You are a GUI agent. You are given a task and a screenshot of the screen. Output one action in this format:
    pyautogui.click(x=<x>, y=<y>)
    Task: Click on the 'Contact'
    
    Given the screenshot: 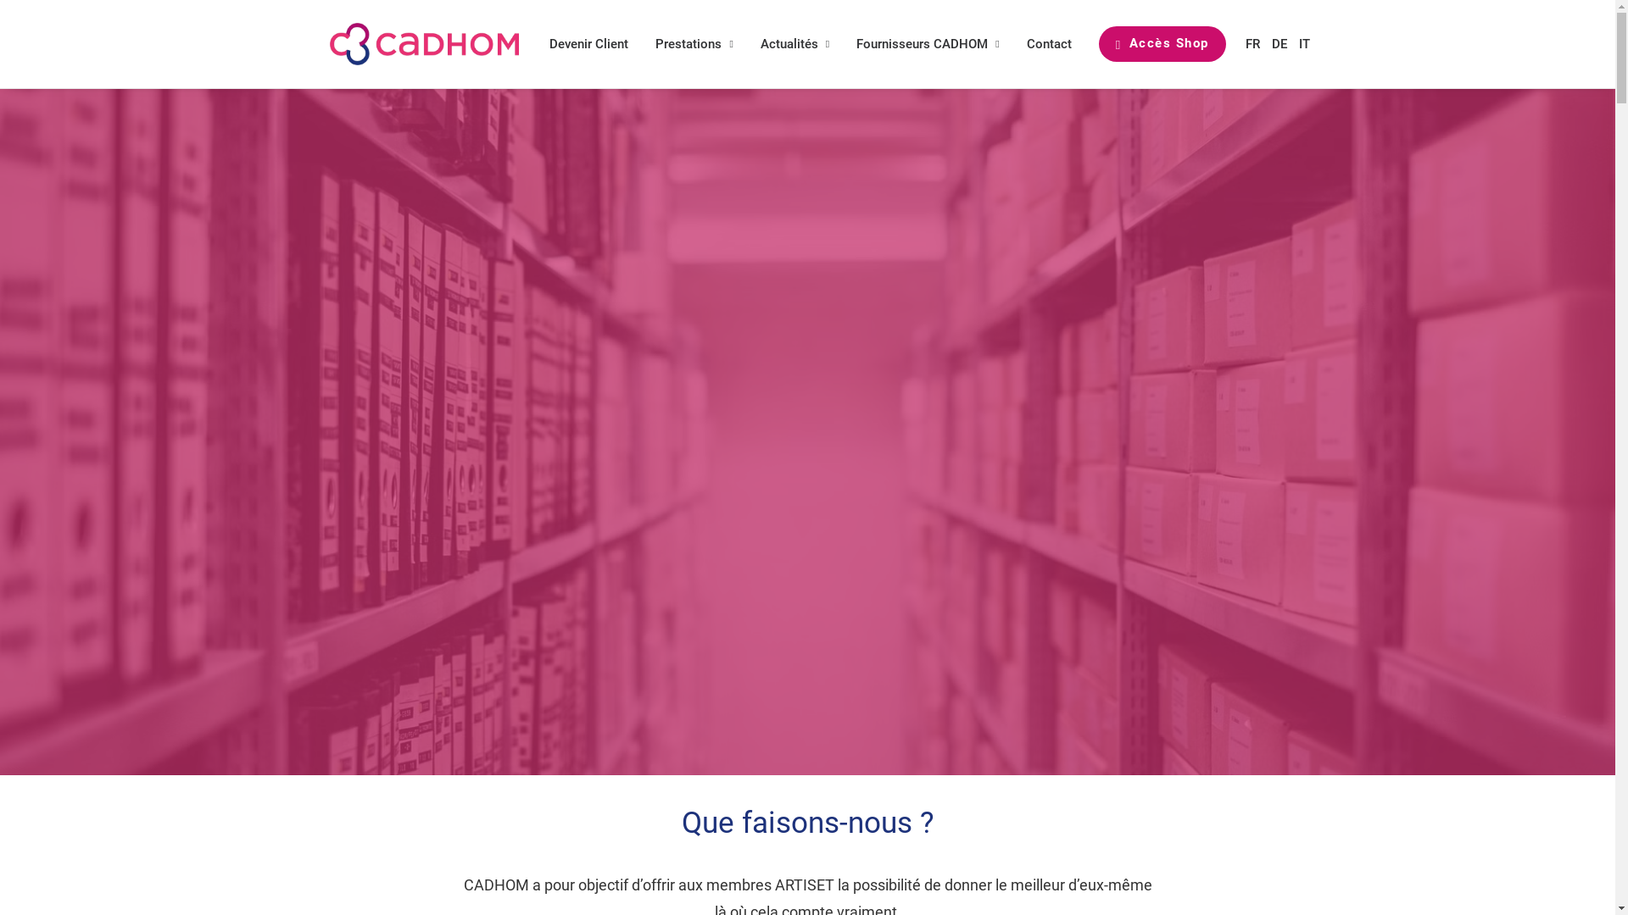 What is the action you would take?
    pyautogui.click(x=1048, y=42)
    